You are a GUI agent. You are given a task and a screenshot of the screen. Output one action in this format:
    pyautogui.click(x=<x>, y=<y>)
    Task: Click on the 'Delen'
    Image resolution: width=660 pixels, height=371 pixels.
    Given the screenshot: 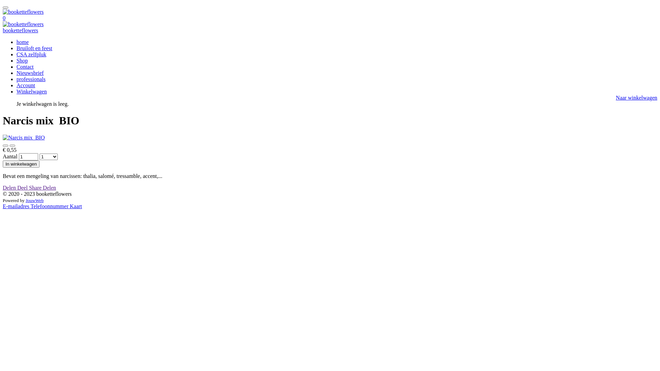 What is the action you would take?
    pyautogui.click(x=10, y=188)
    